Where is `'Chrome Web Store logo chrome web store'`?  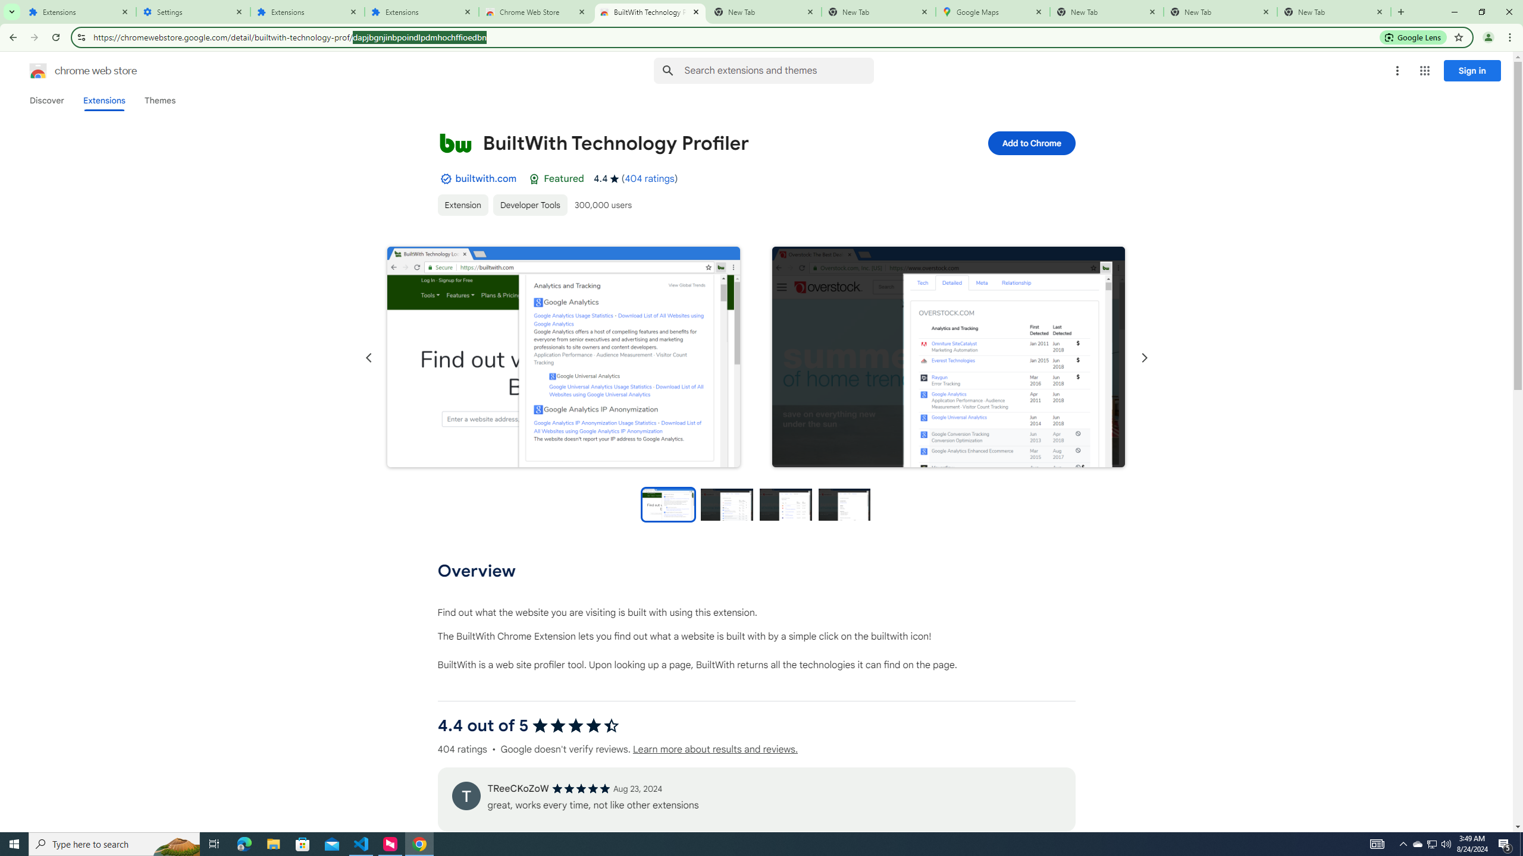 'Chrome Web Store logo chrome web store' is located at coordinates (70, 70).